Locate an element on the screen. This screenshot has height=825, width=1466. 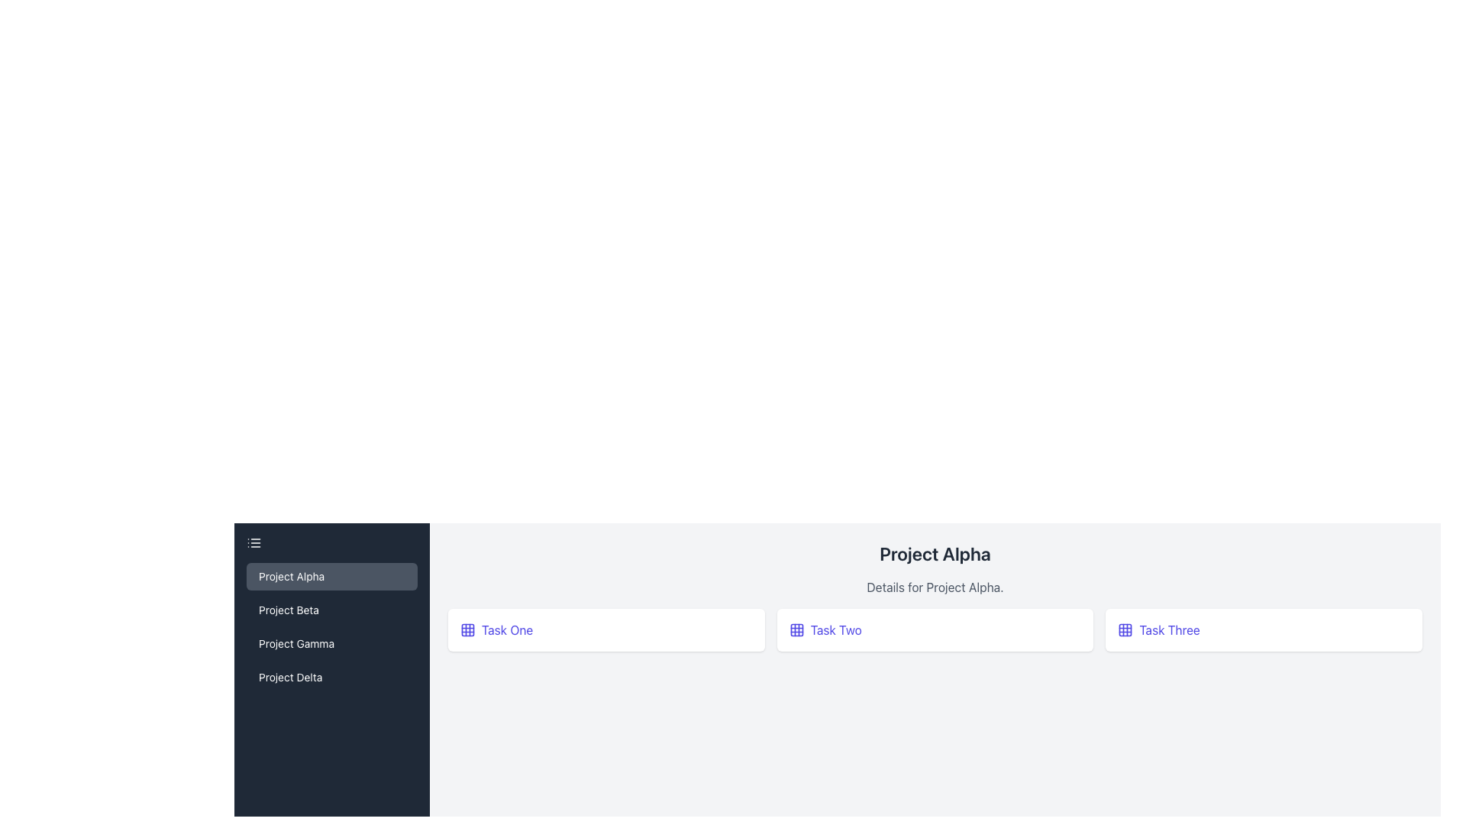
the menu icon located at the top left corner of the sidebar panel is located at coordinates (253, 542).